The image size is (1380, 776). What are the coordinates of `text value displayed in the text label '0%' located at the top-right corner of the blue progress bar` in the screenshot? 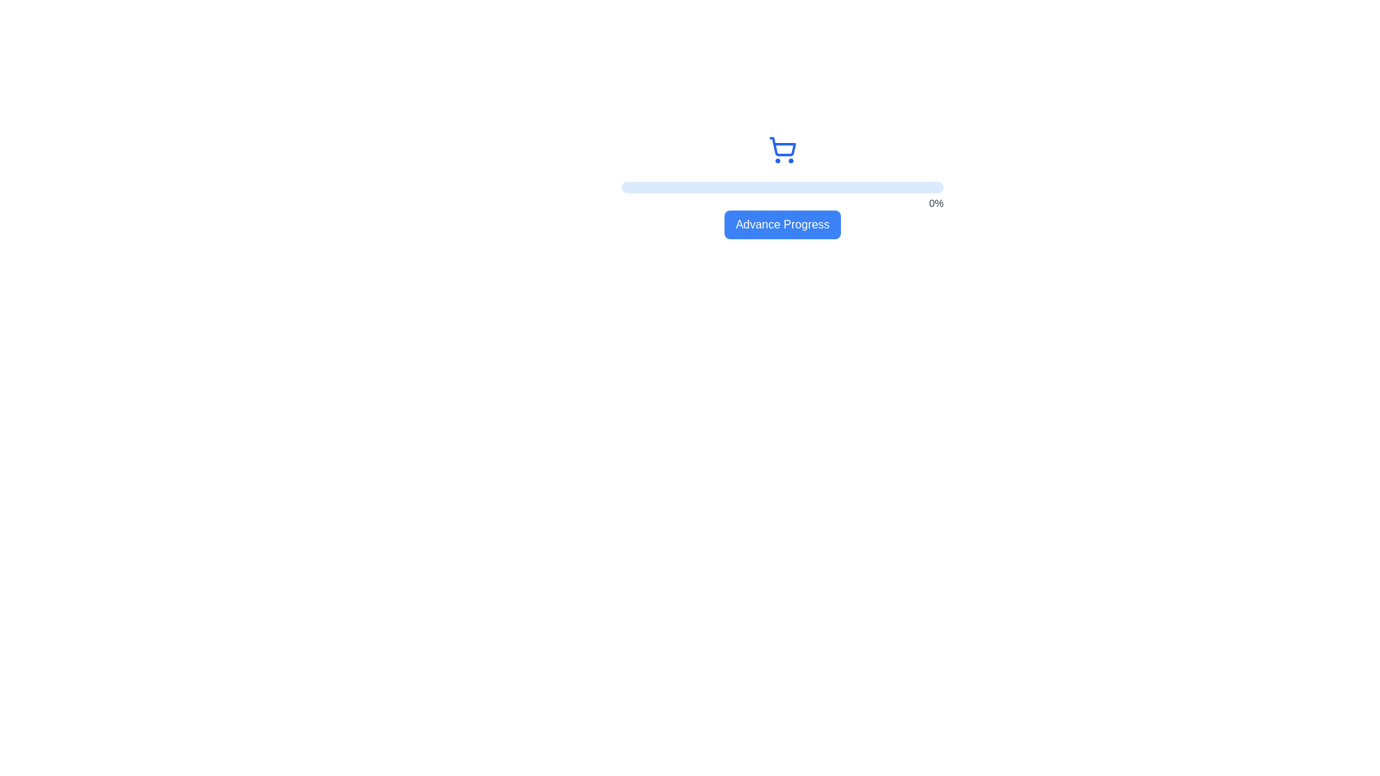 It's located at (936, 203).